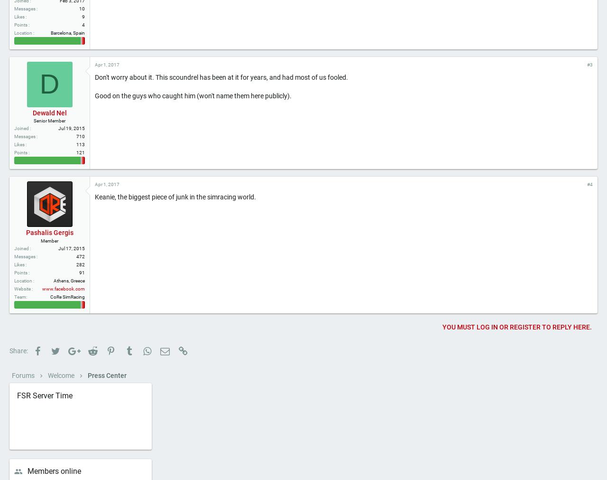 The height and width of the screenshot is (480, 607). Describe the element at coordinates (49, 115) in the screenshot. I see `'D'` at that location.